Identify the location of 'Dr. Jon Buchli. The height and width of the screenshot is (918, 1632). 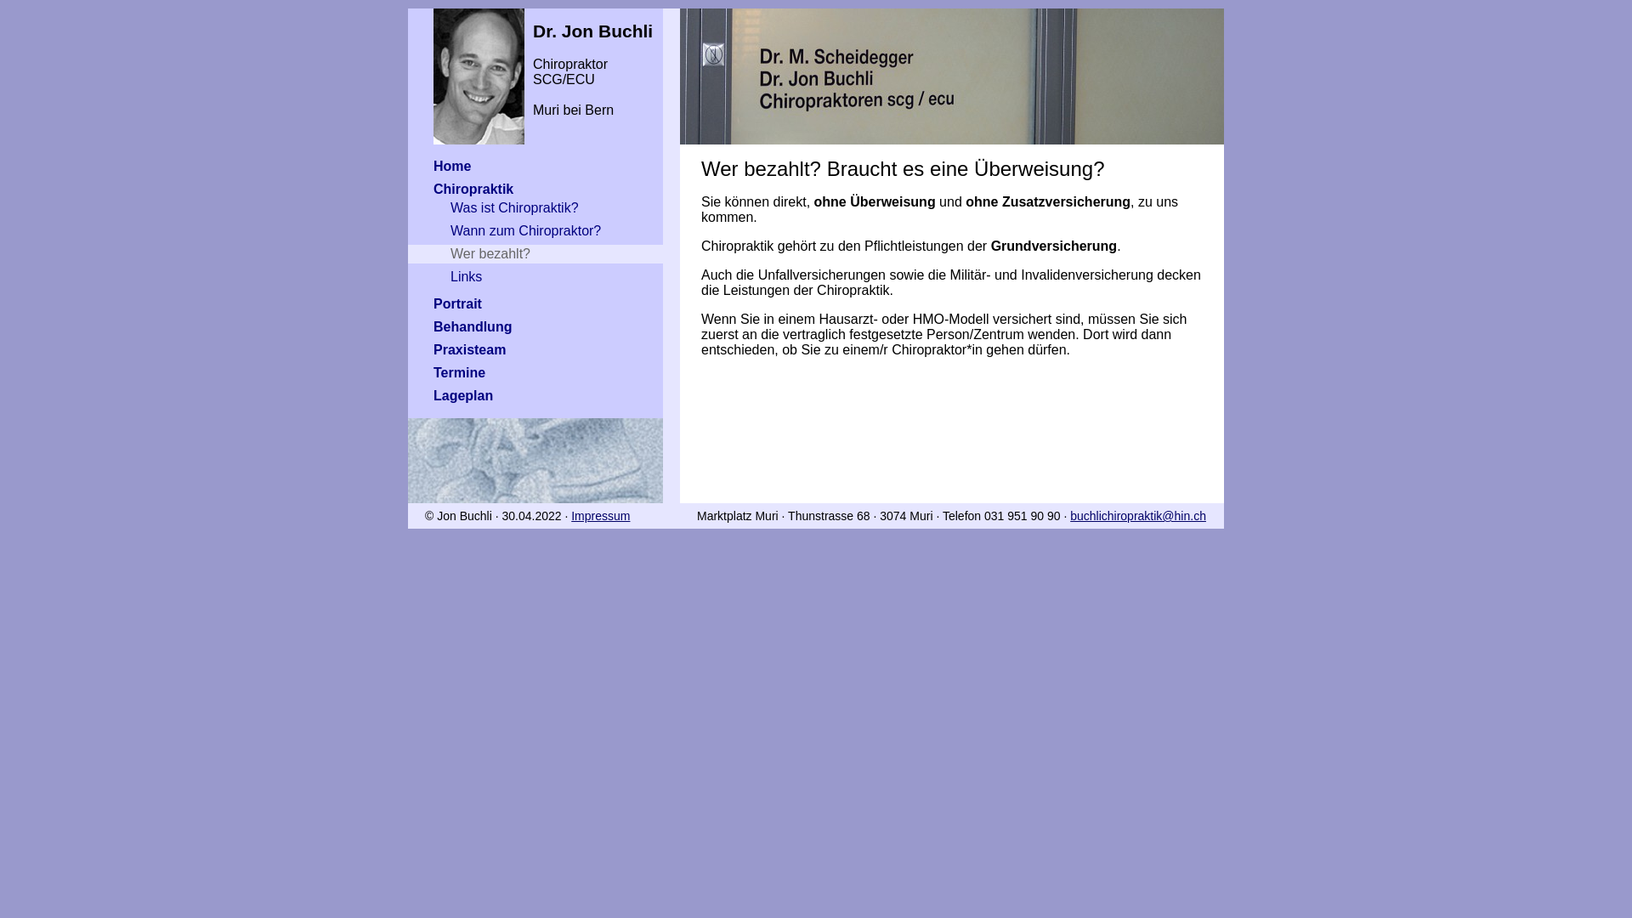
(534, 61).